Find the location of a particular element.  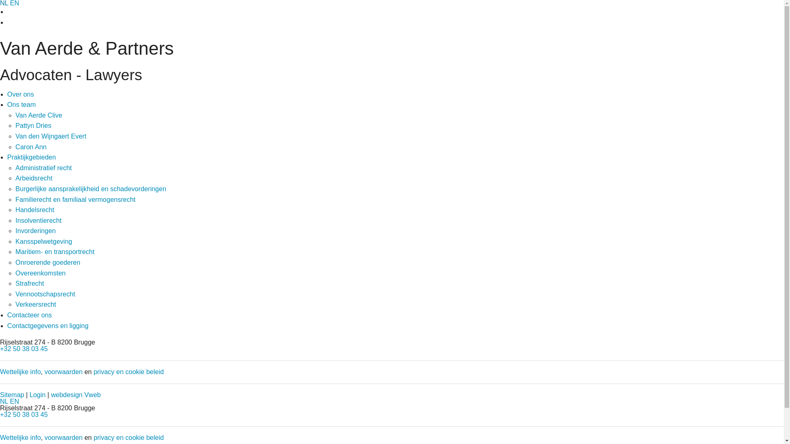

'Onroerende goederen' is located at coordinates (16, 262).